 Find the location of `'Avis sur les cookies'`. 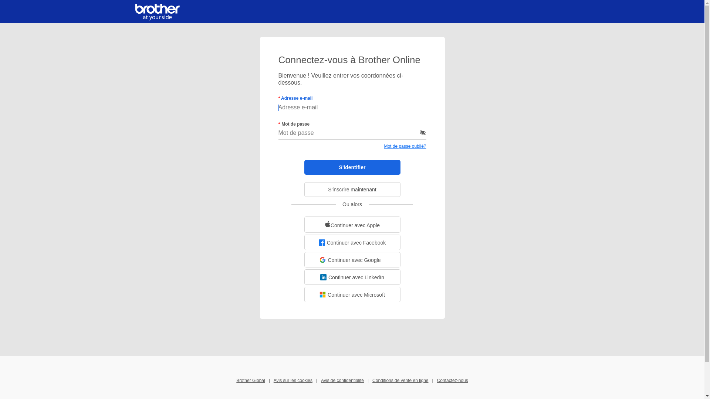

'Avis sur les cookies' is located at coordinates (293, 380).